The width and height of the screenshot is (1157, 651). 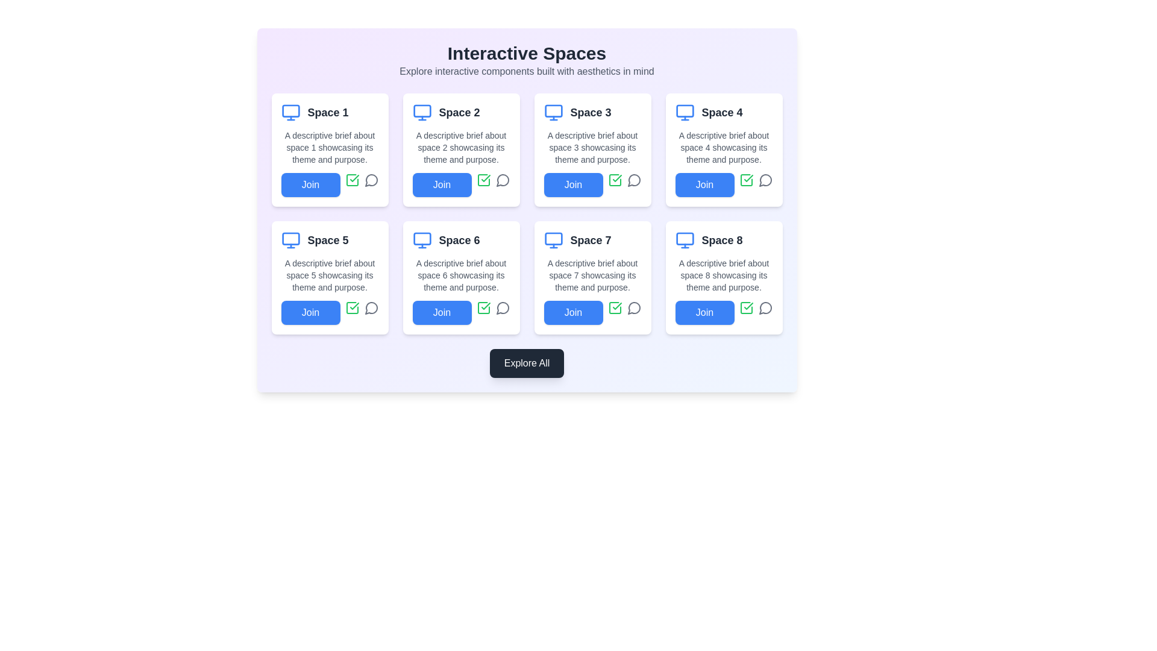 I want to click on the button that initiates the interaction for 'joining Space 3', located on the third card in the first row under 'Interactive Spaces', so click(x=572, y=185).